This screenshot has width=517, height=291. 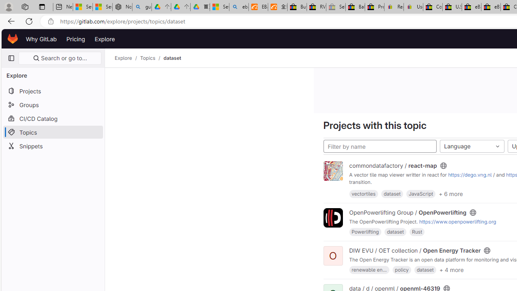 I want to click on 'Back', so click(x=10, y=21).